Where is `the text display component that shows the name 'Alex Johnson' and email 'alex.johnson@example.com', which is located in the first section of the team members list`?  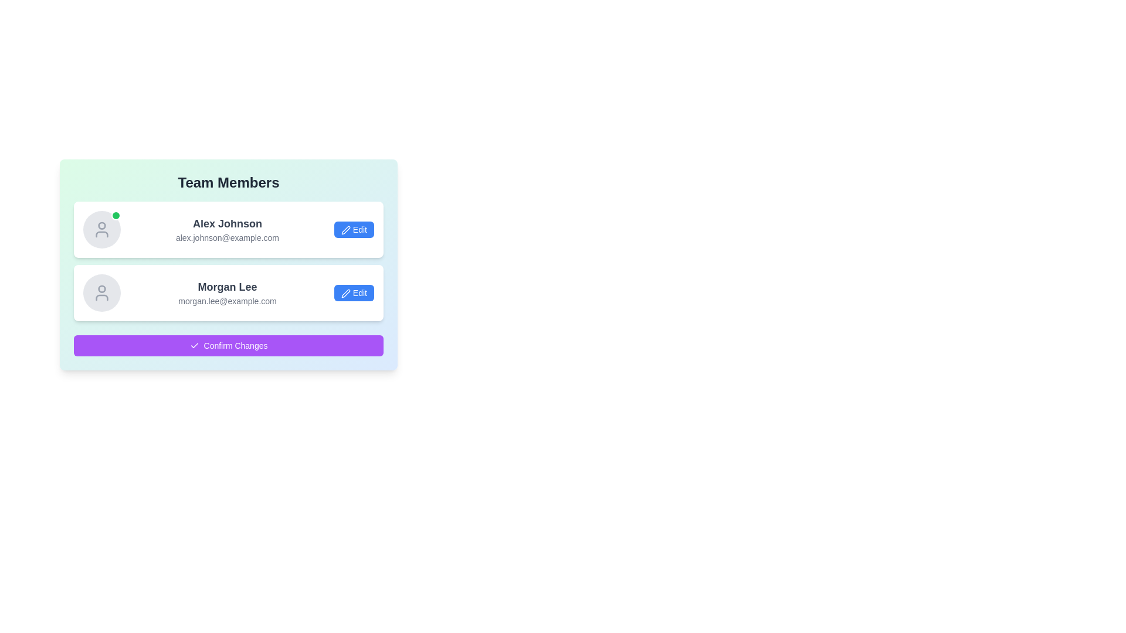
the text display component that shows the name 'Alex Johnson' and email 'alex.johnson@example.com', which is located in the first section of the team members list is located at coordinates (228, 230).